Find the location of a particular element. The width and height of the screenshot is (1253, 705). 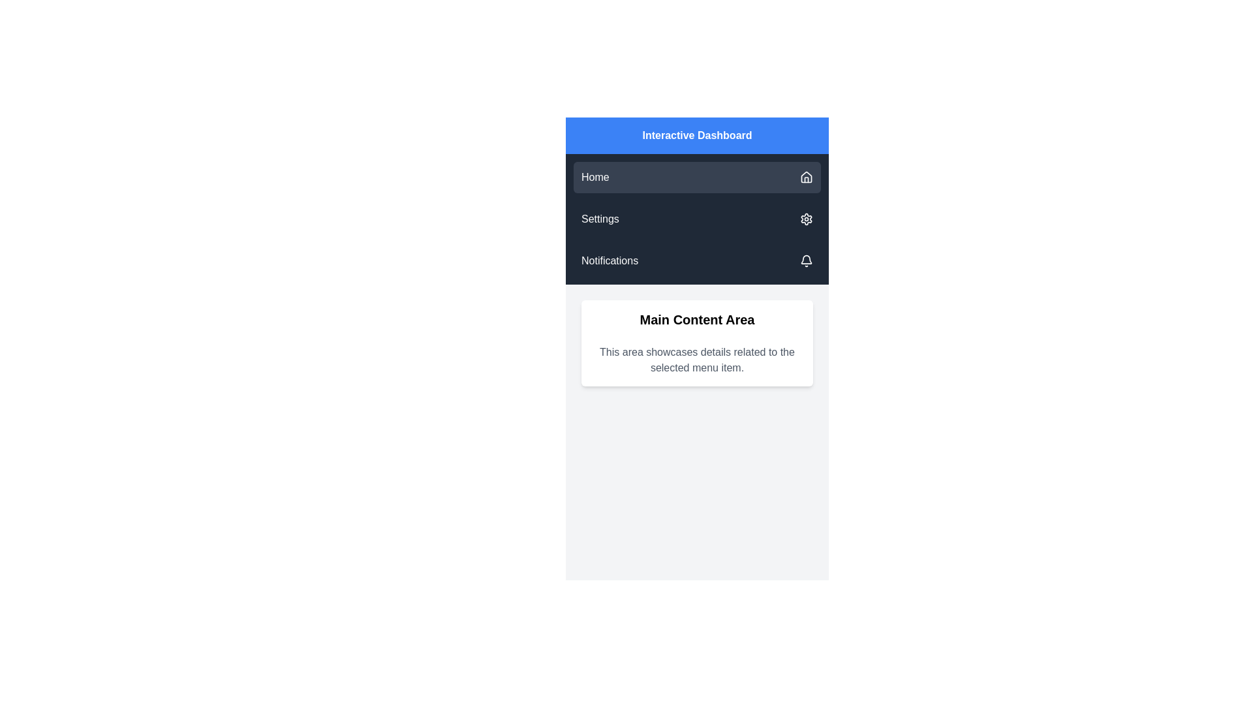

the 'Home' button, which is the first item in the vertical navigation bar is located at coordinates (696, 178).